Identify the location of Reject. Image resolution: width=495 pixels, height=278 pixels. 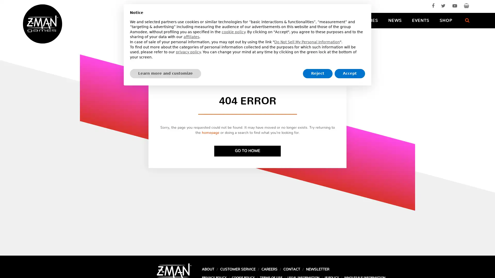
(317, 73).